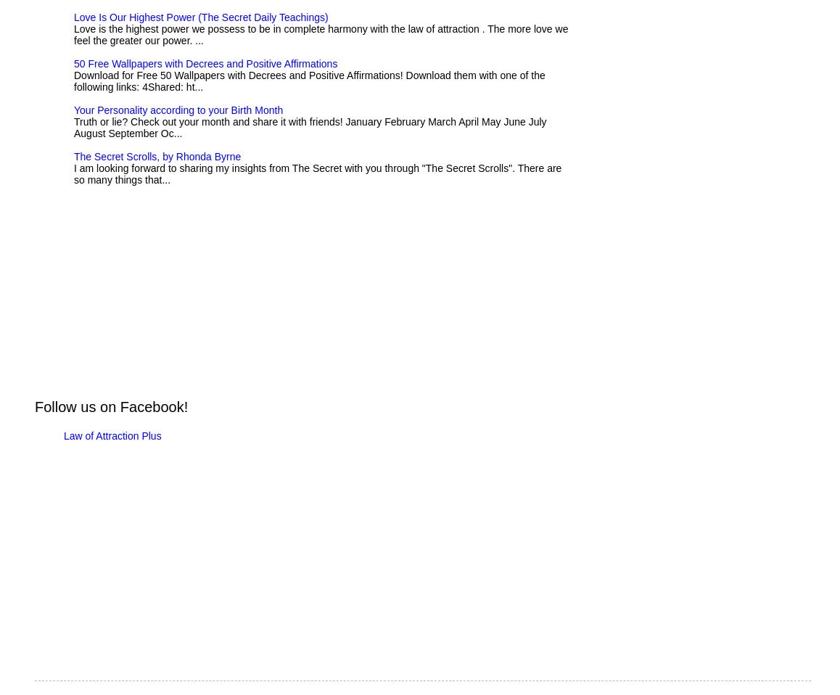 The height and width of the screenshot is (695, 840). I want to click on 'Follow us on Facebook!', so click(110, 407).